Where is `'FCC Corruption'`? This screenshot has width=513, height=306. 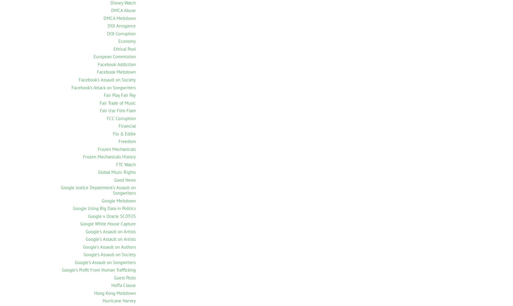 'FCC Corruption' is located at coordinates (121, 118).